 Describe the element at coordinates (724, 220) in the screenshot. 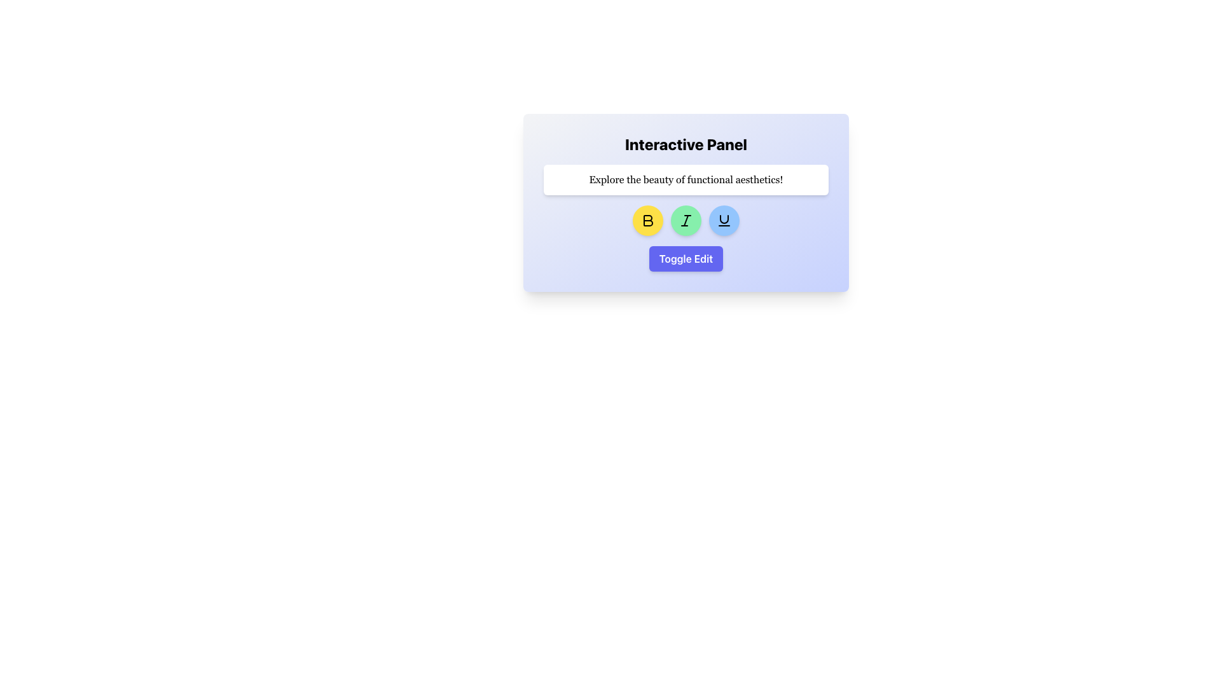

I see `the underline button using keyboard navigation` at that location.